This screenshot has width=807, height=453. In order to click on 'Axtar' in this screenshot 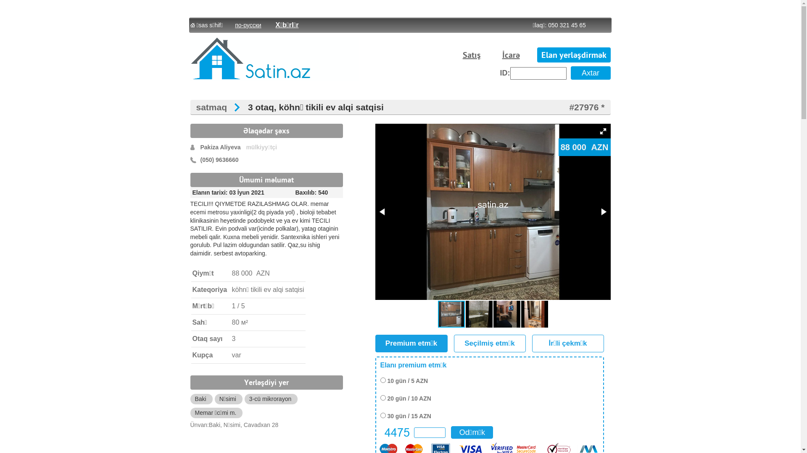, I will do `click(590, 72)`.